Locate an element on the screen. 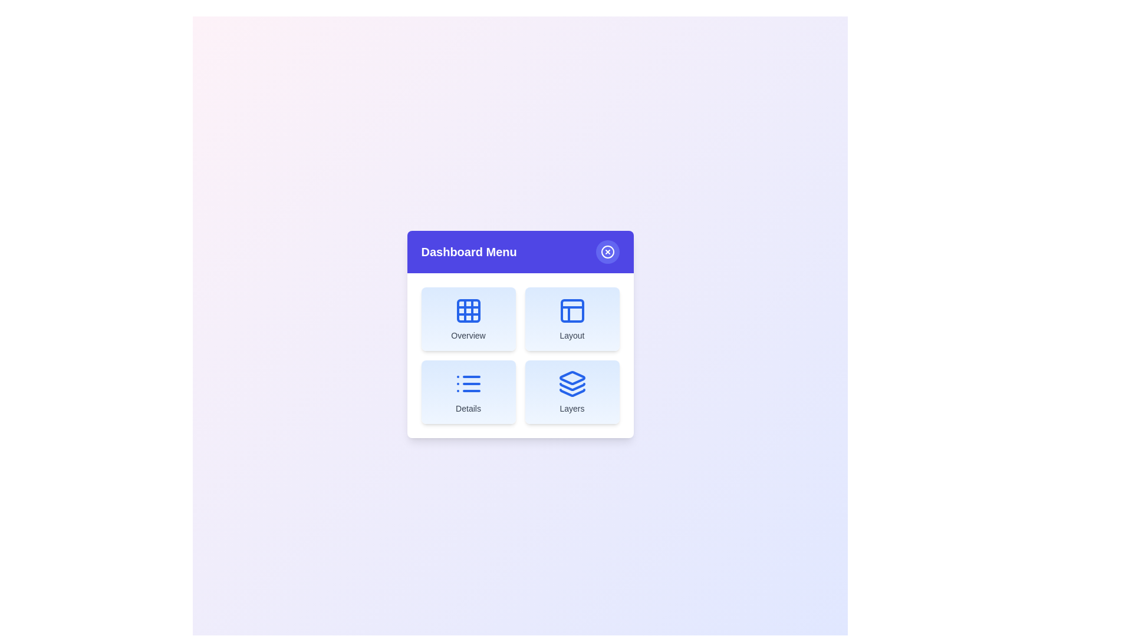 Image resolution: width=1132 pixels, height=636 pixels. the menu item labeled Overview is located at coordinates (468, 319).